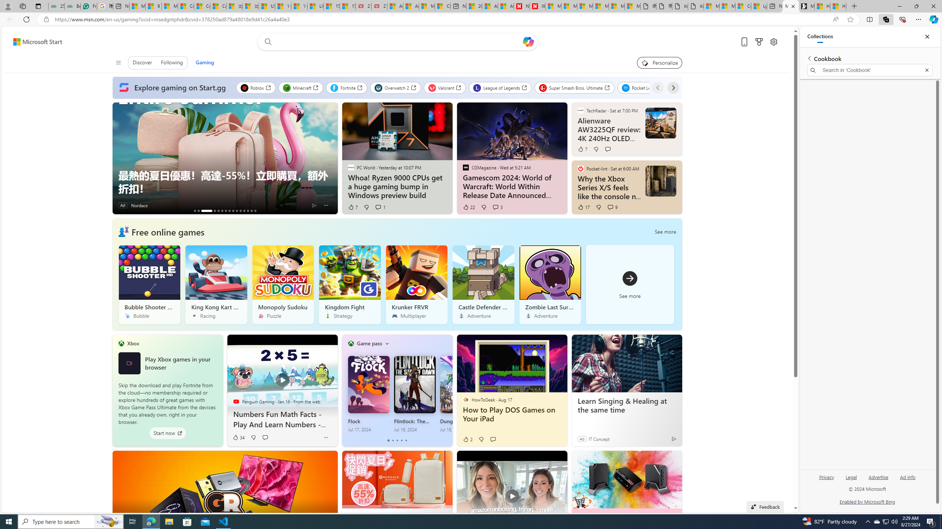 The height and width of the screenshot is (529, 942). Describe the element at coordinates (394, 87) in the screenshot. I see `'Overwatch 2'` at that location.